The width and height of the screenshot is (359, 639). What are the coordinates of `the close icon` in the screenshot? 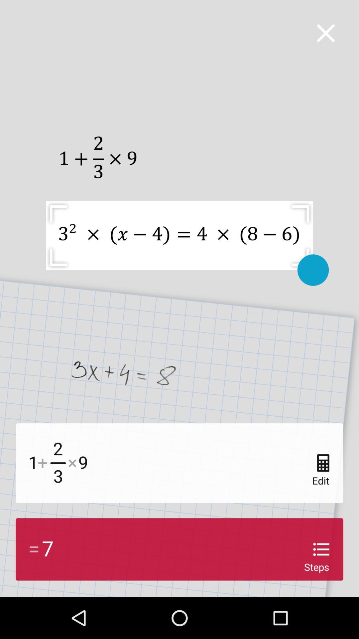 It's located at (325, 33).